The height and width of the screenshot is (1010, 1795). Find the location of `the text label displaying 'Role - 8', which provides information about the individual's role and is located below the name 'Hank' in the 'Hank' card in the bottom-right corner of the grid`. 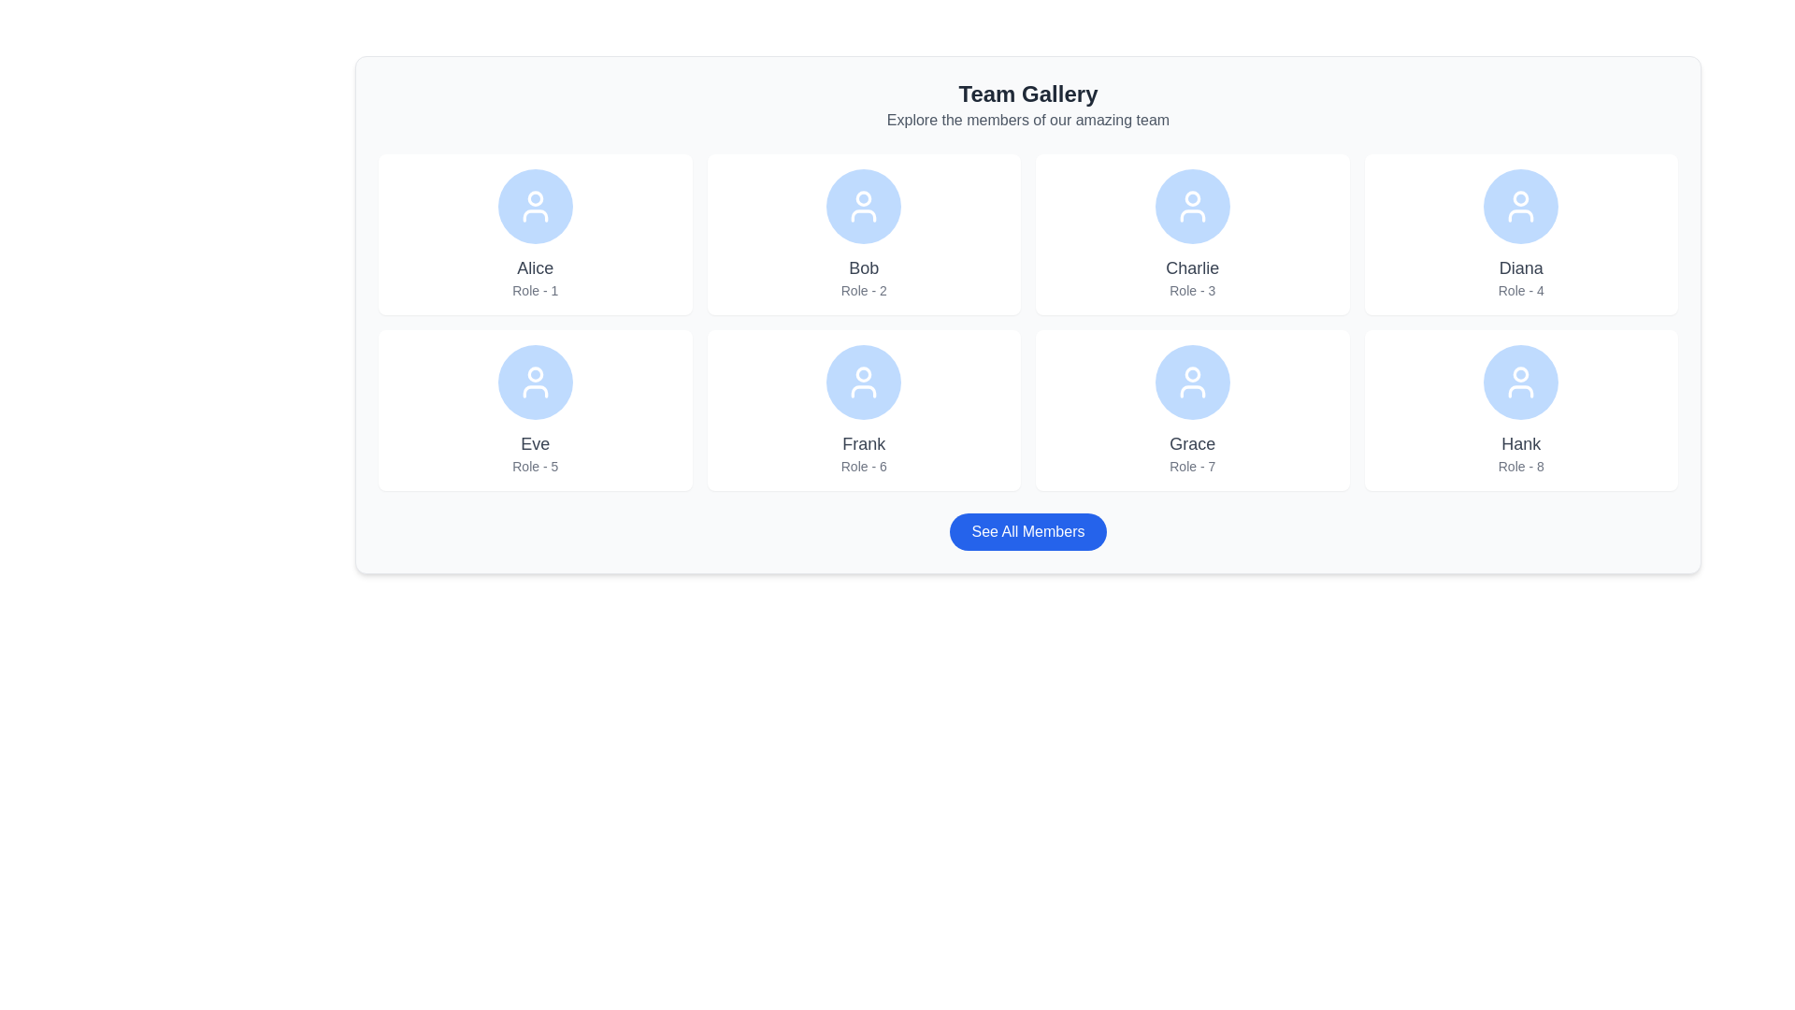

the text label displaying 'Role - 8', which provides information about the individual's role and is located below the name 'Hank' in the 'Hank' card in the bottom-right corner of the grid is located at coordinates (1521, 465).